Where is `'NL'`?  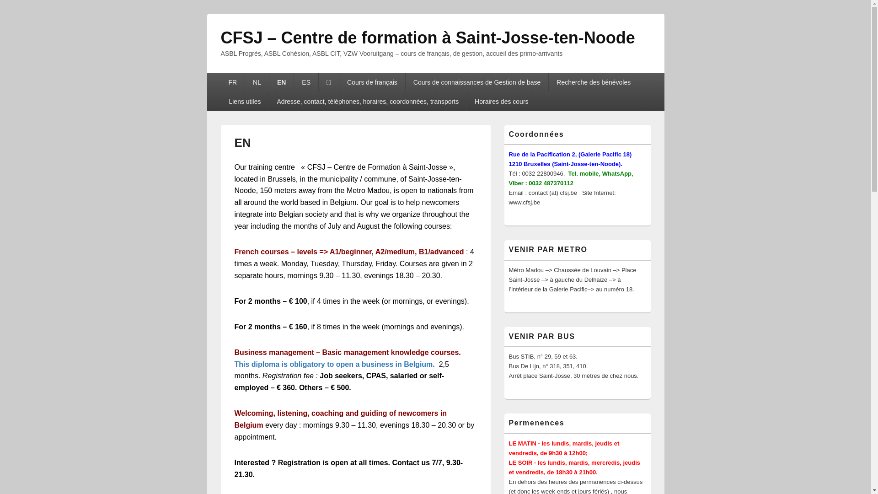
'NL' is located at coordinates (256, 82).